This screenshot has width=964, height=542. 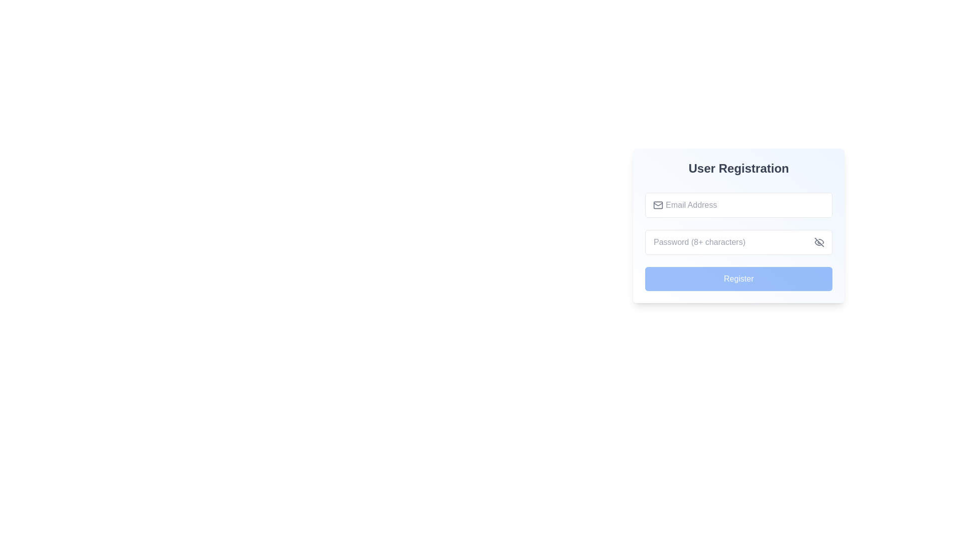 I want to click on the envelope icon in the email input field within the User Registration form, so click(x=658, y=204).